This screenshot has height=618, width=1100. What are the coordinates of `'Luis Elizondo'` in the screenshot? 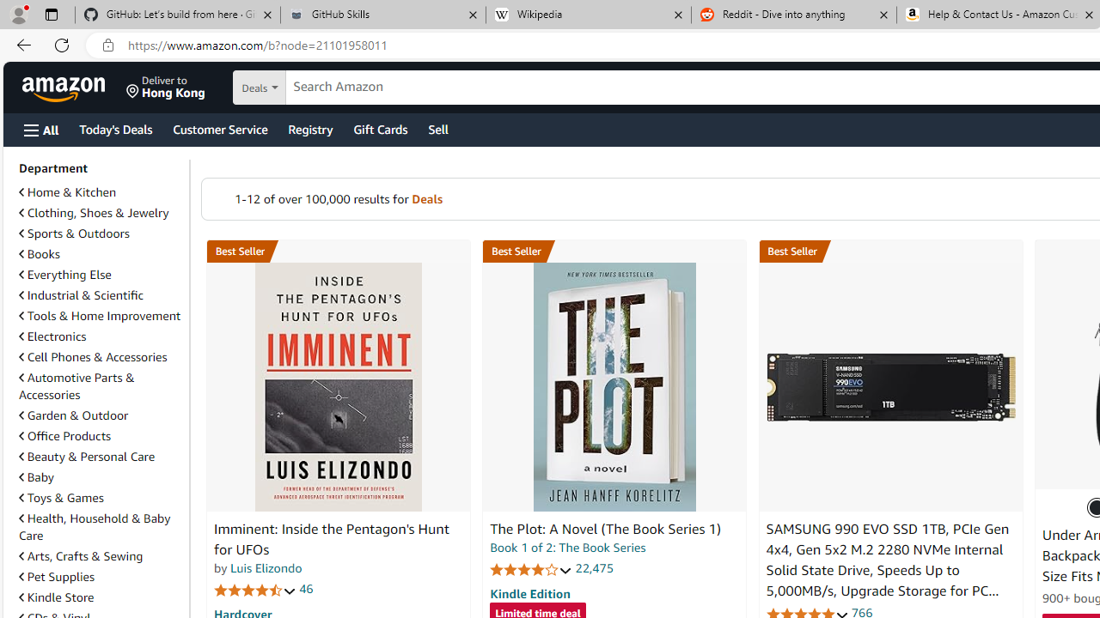 It's located at (265, 568).